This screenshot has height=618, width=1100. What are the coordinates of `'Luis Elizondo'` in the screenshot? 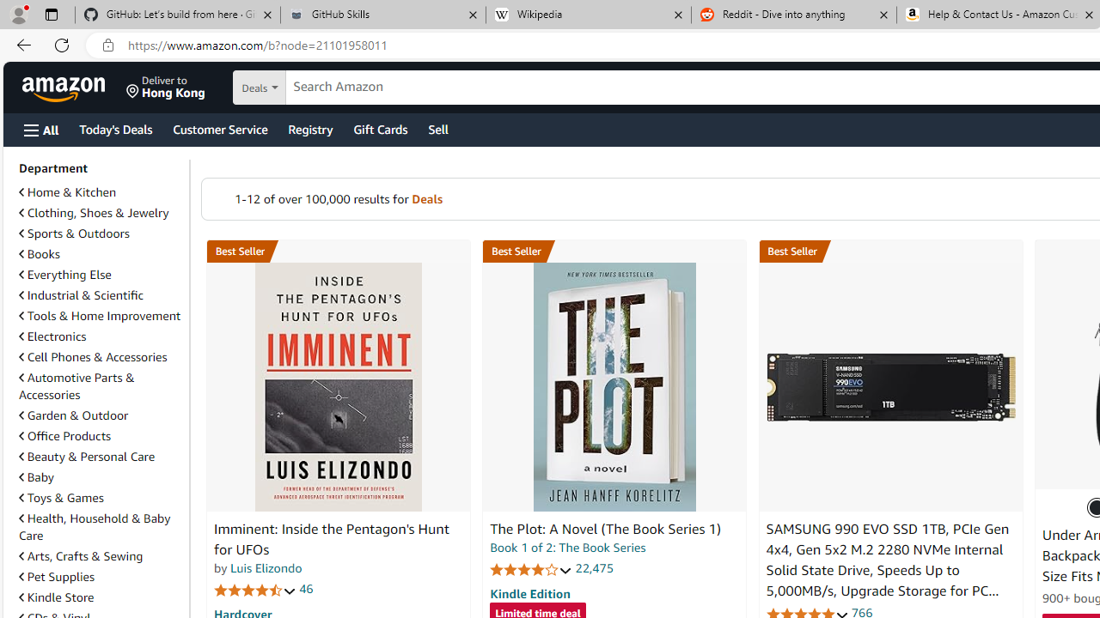 It's located at (265, 568).